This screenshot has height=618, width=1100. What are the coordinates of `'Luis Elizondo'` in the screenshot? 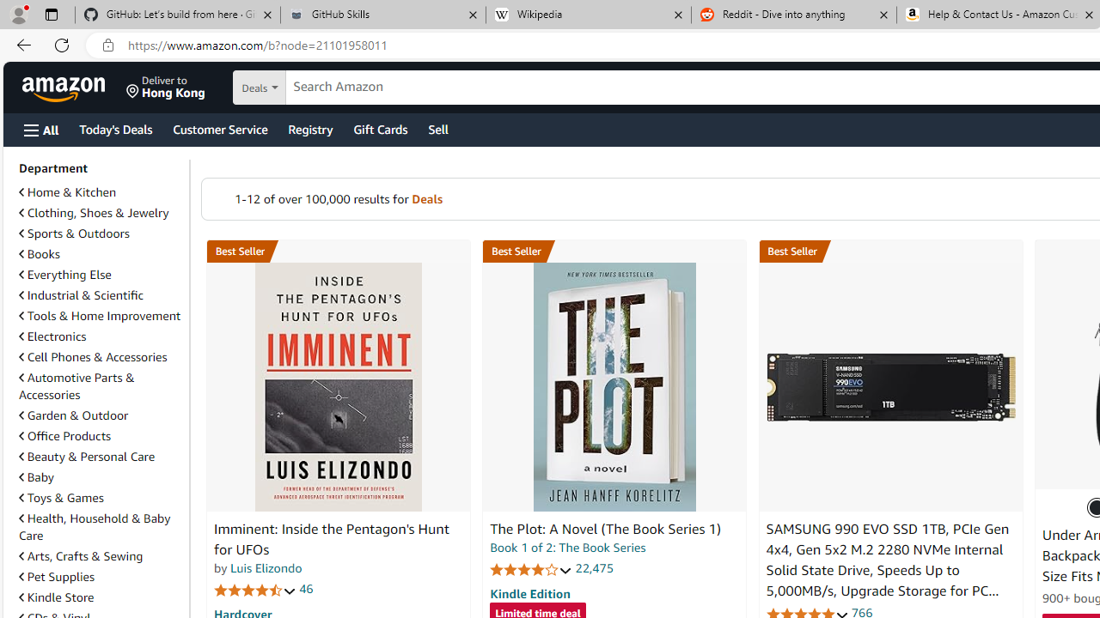 It's located at (265, 568).